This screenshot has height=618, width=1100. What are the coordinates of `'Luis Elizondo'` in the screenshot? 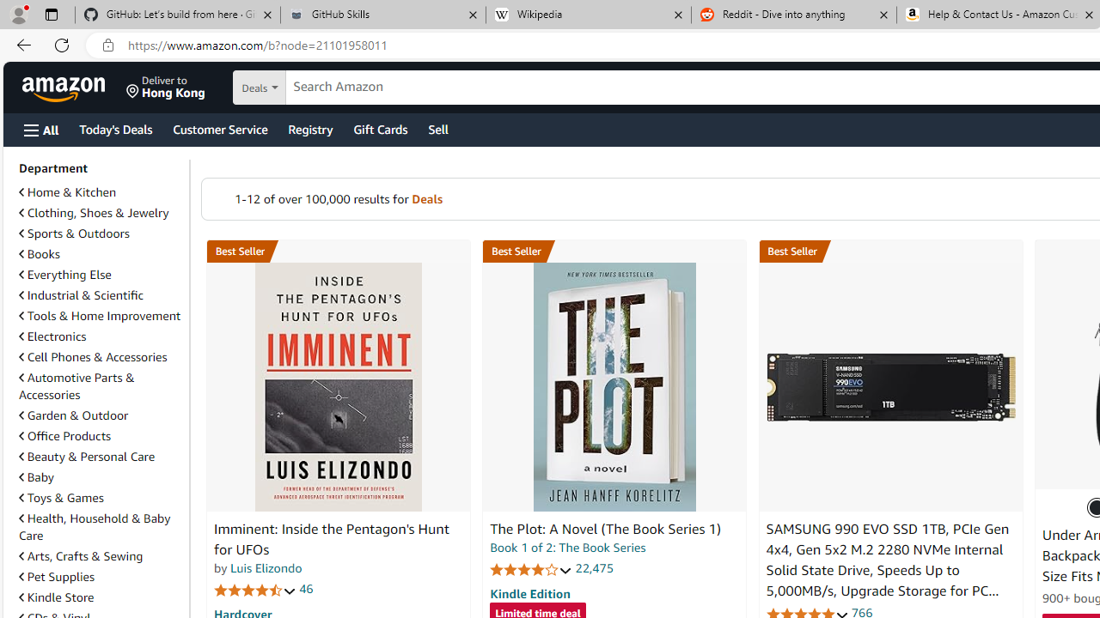 It's located at (265, 568).